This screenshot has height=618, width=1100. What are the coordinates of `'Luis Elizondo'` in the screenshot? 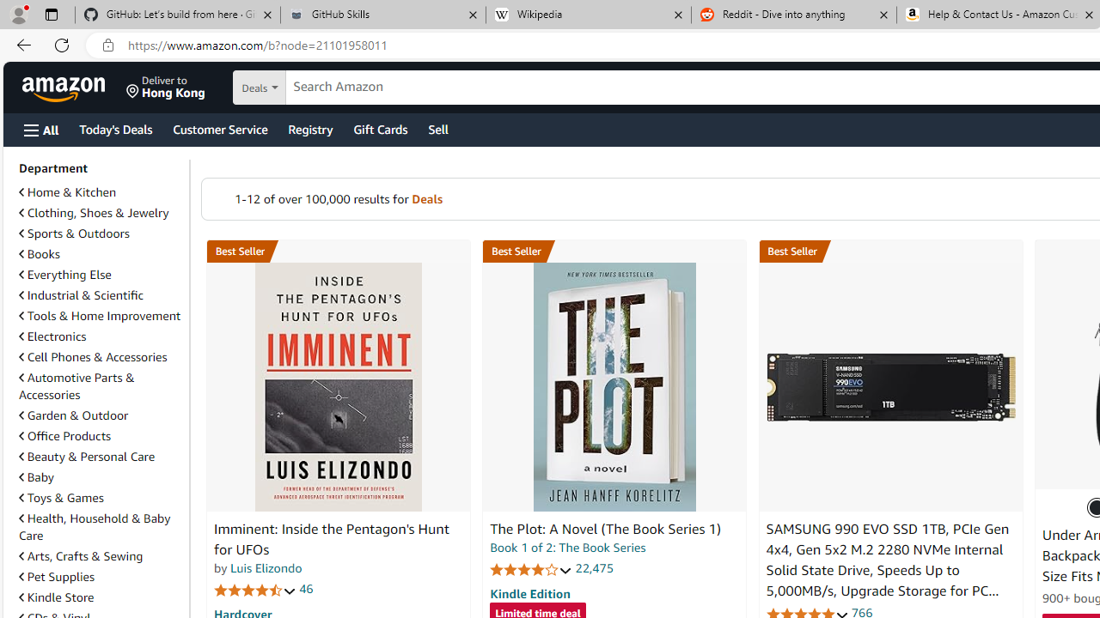 It's located at (265, 568).